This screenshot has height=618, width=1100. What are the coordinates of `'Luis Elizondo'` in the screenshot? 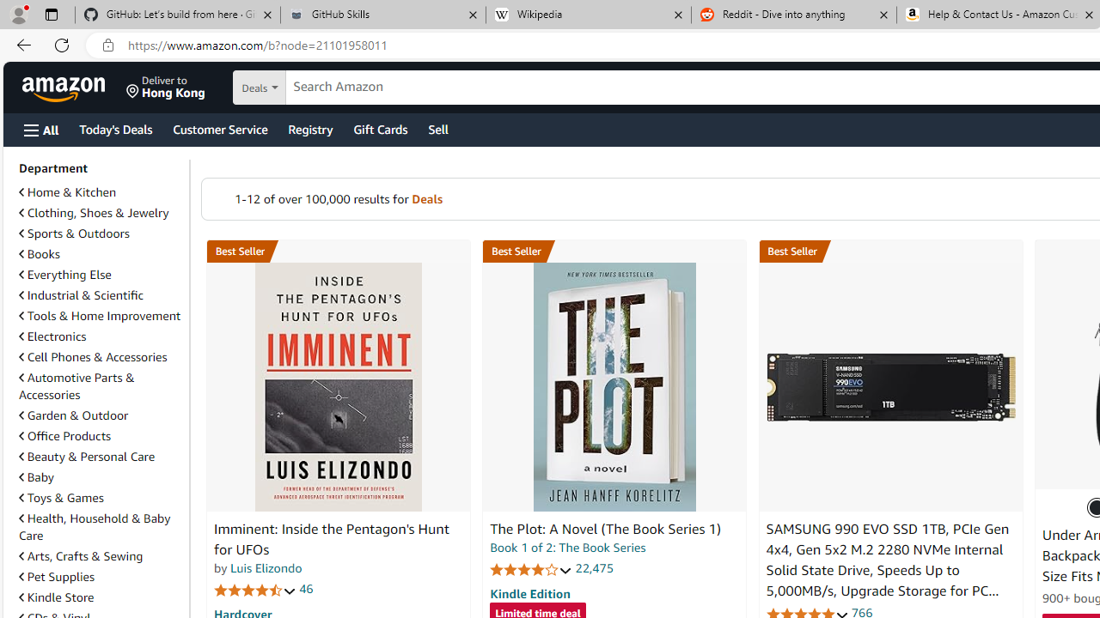 It's located at (265, 568).